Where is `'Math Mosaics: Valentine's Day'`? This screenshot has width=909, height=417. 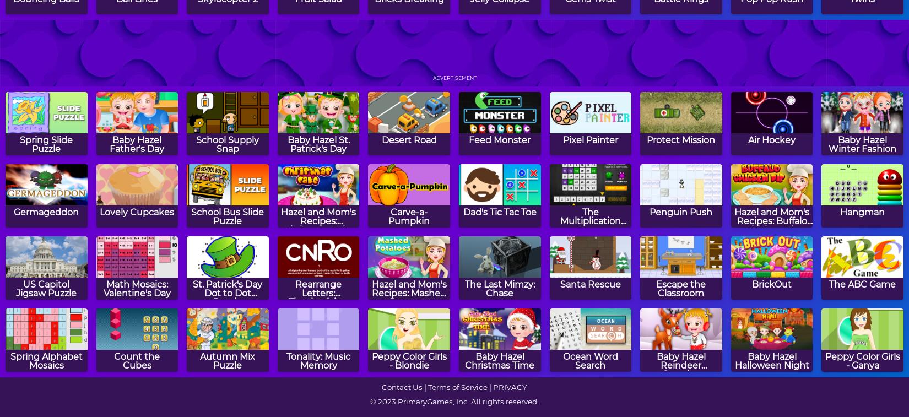 'Math Mosaics: Valentine's Day' is located at coordinates (102, 288).